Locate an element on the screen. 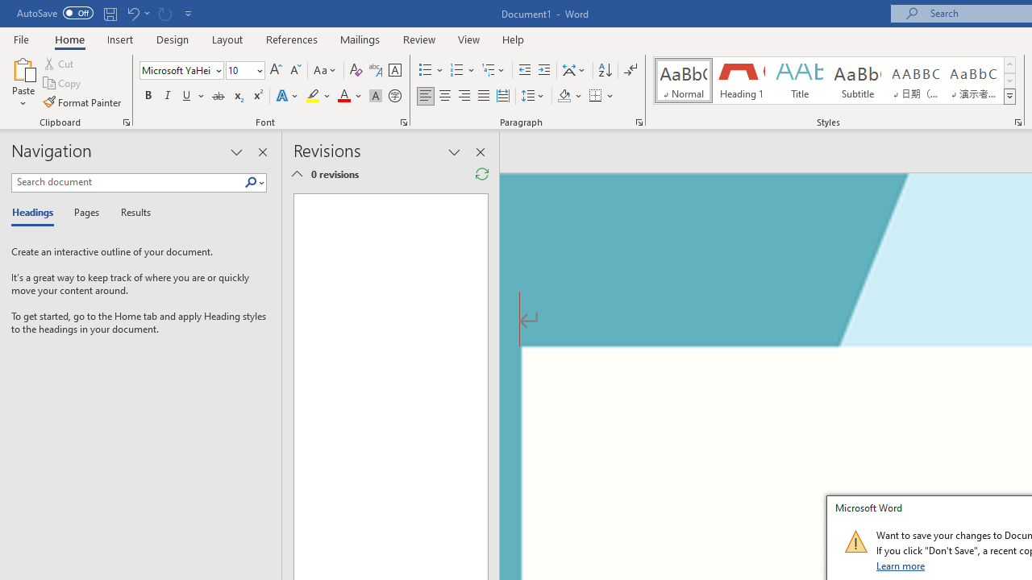 The image size is (1032, 580). 'Undo Paragraph Alignment' is located at coordinates (132, 13).